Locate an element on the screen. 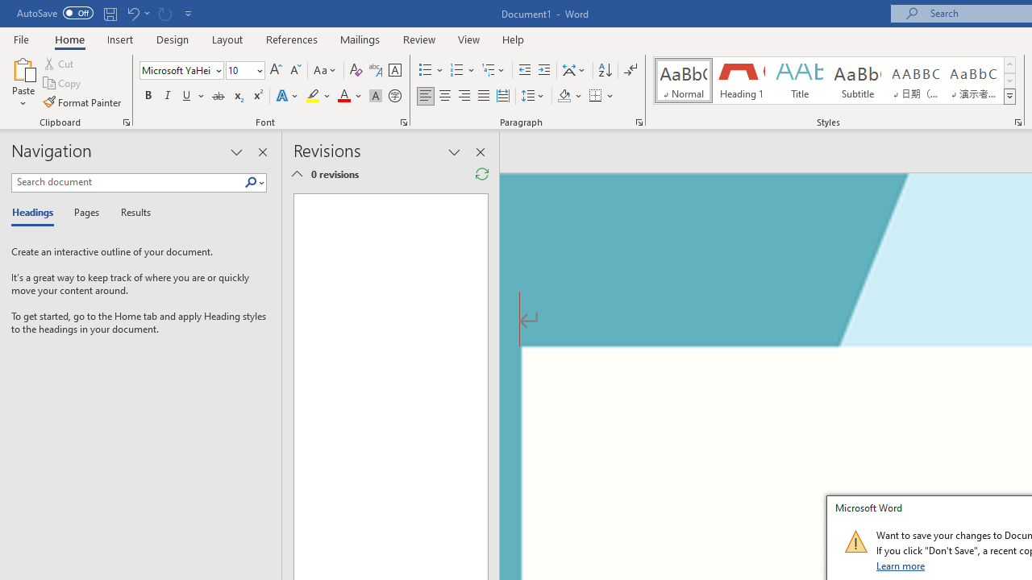 The image size is (1032, 580). 'Undo Paragraph Alignment' is located at coordinates (132, 13).